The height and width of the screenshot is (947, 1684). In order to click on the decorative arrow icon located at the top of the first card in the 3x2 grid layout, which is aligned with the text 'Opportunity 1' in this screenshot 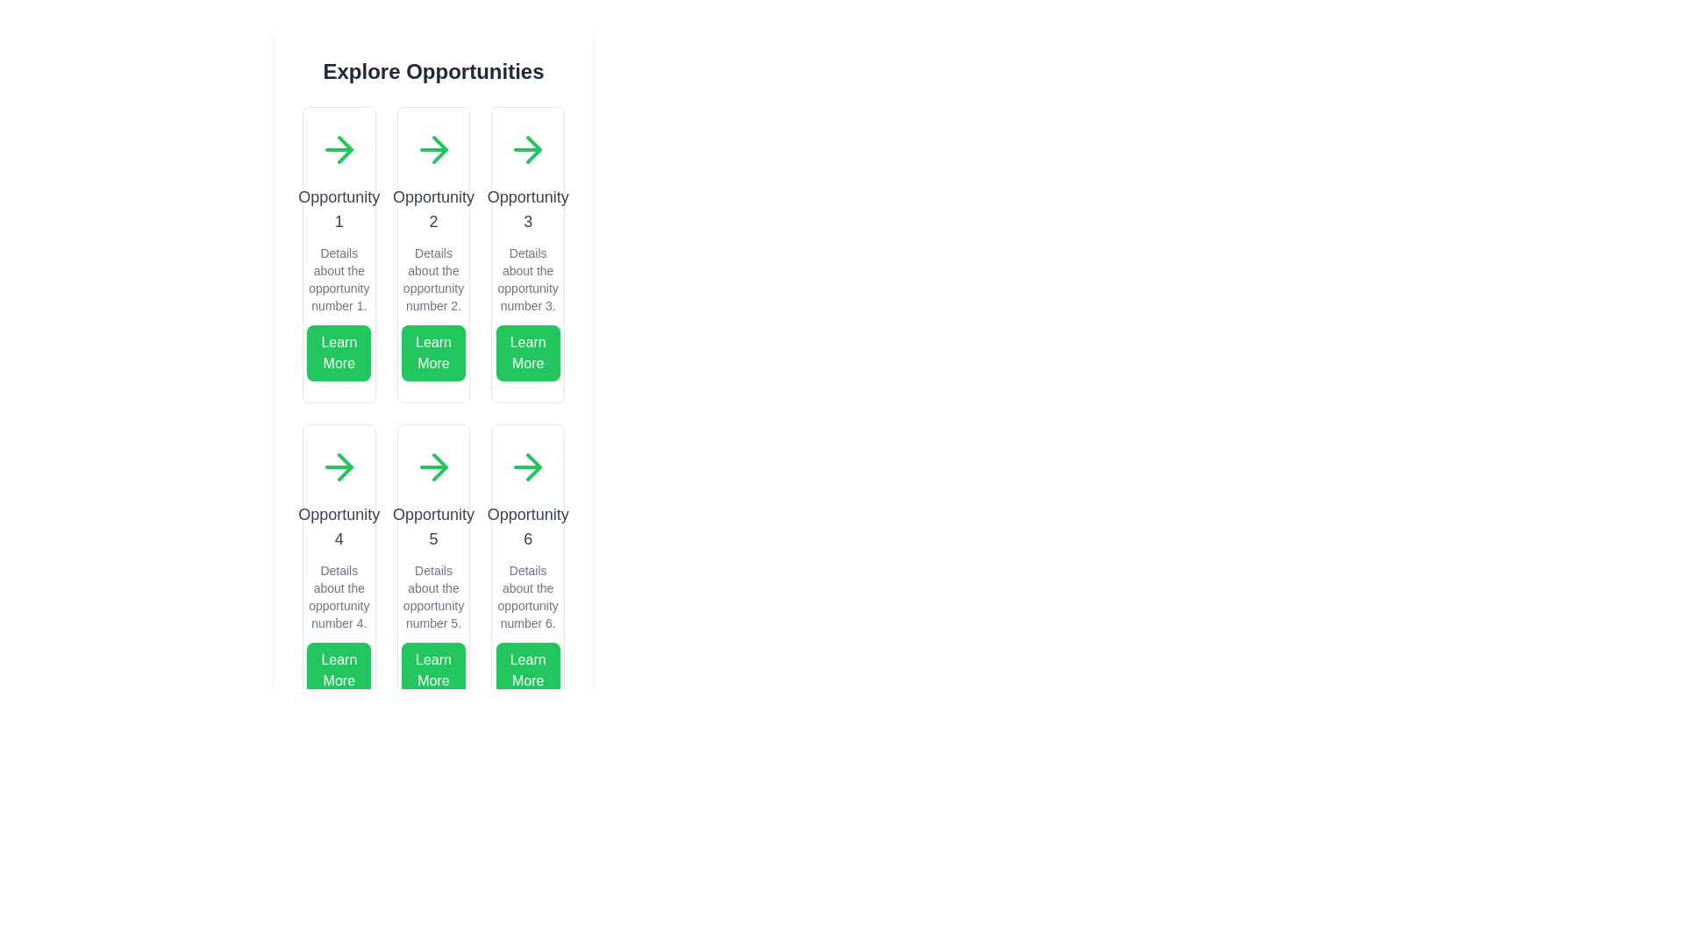, I will do `click(339, 148)`.